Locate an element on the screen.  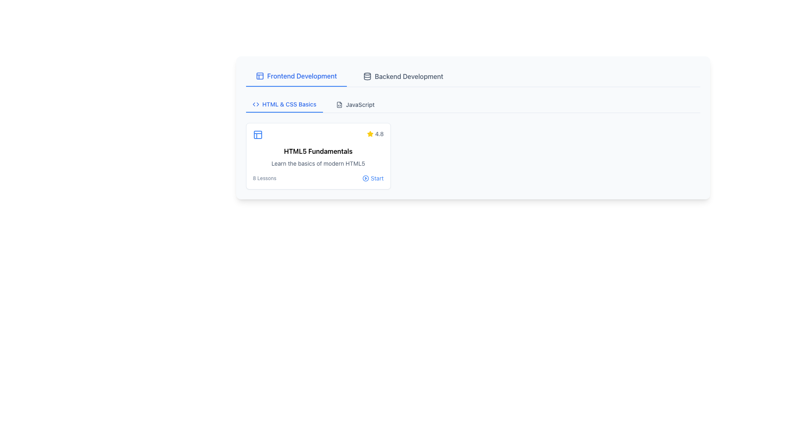
the first tab from the left in the top tab bar, which has an icon and text, to switch the displayed content to the 'Frontend Development' section is located at coordinates (296, 76).